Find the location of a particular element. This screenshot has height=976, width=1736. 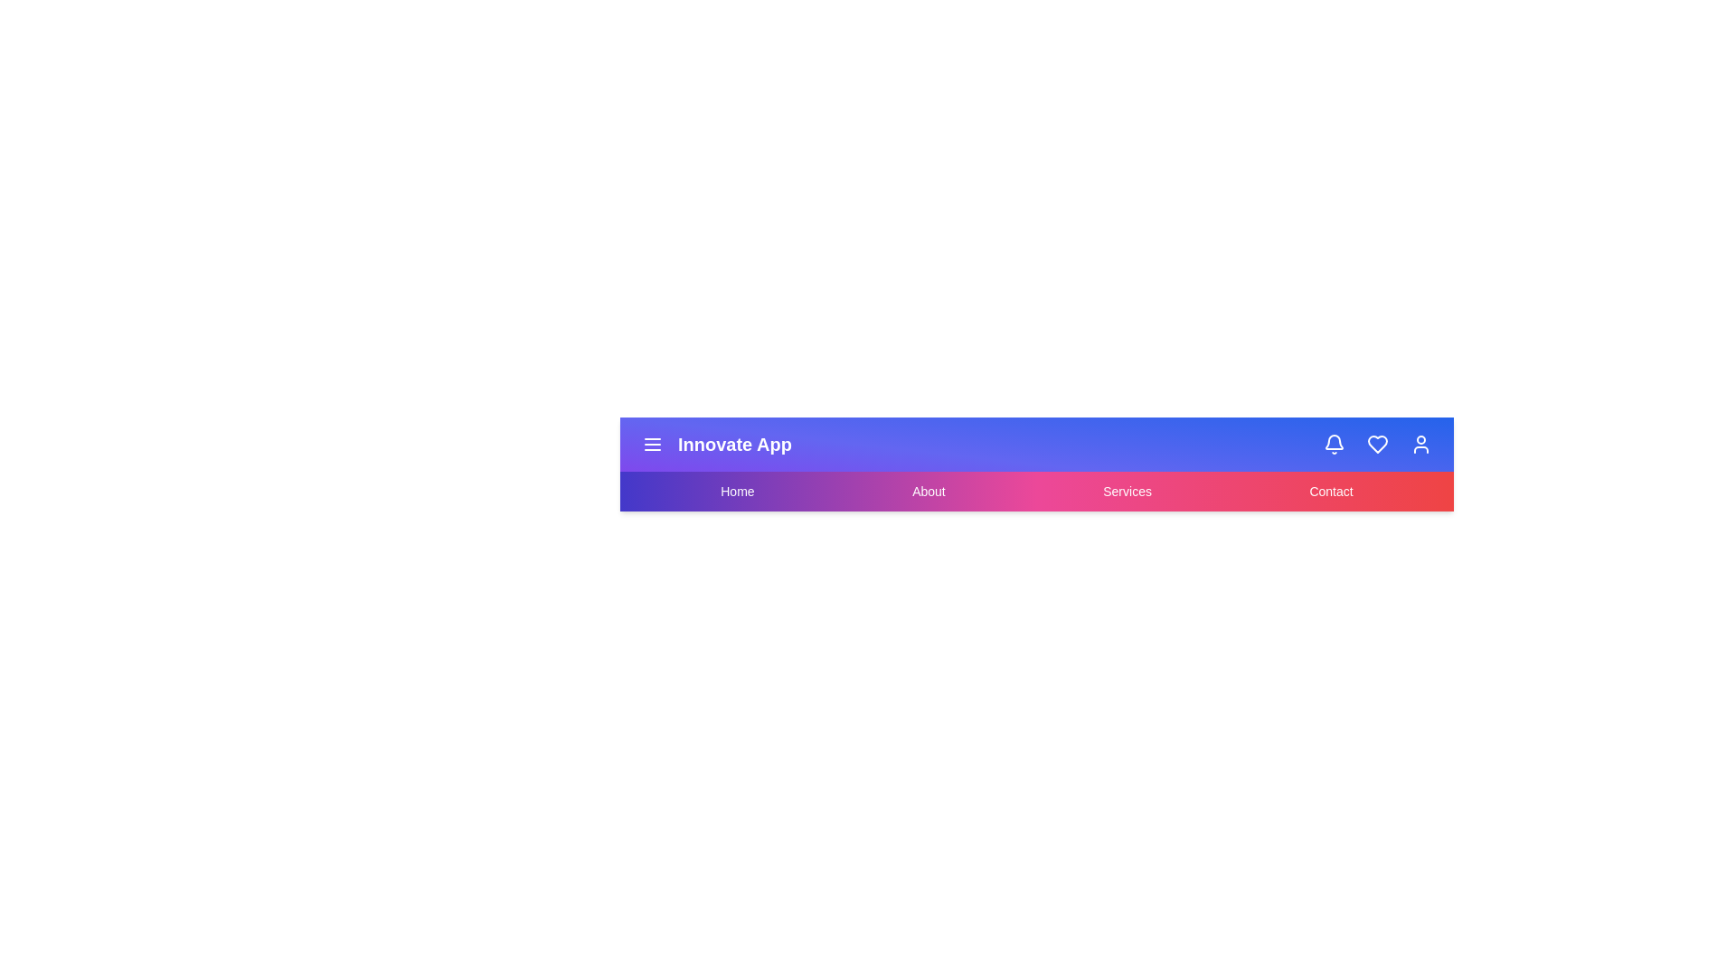

the bell icon located in the app bar is located at coordinates (1335, 445).